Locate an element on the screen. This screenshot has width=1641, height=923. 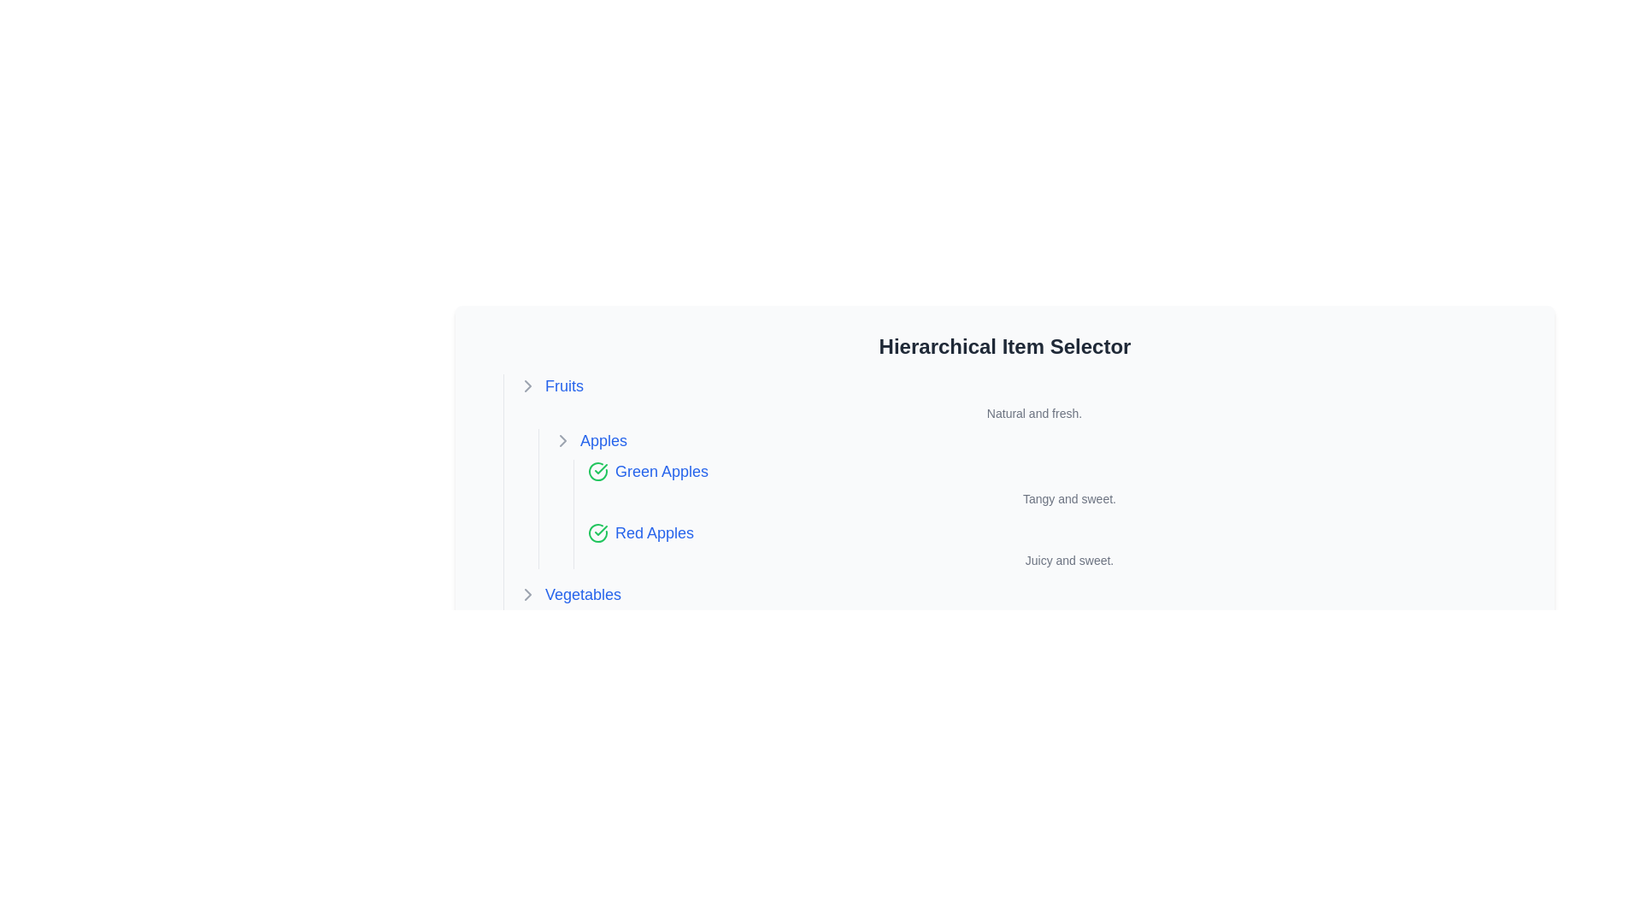
the chevron icon within the 'Vegetables' item in the hierarchical navigation menu is located at coordinates (527, 593).